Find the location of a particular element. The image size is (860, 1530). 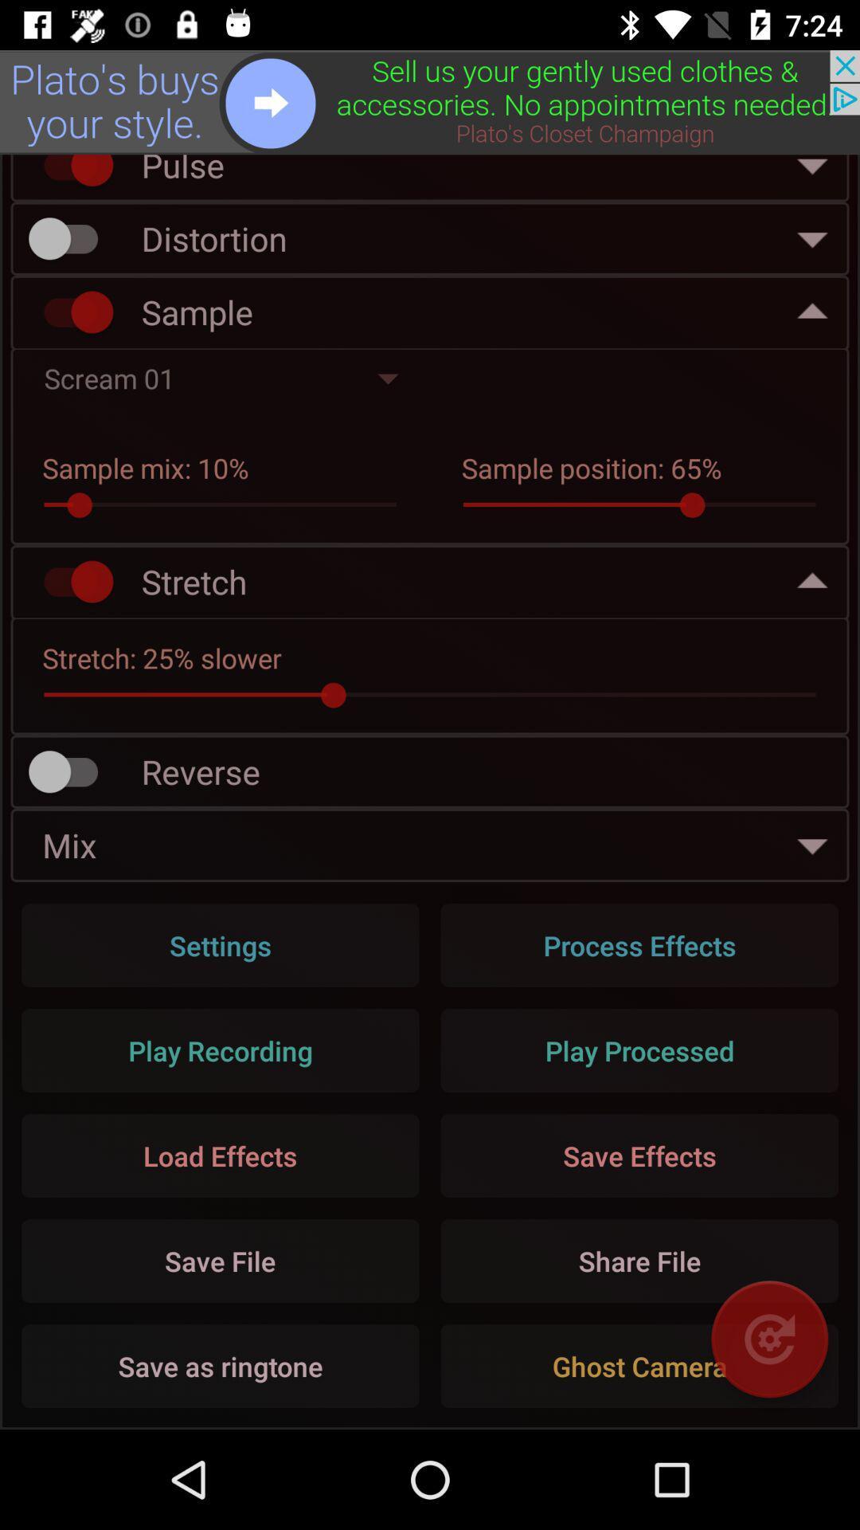

open advertisement is located at coordinates (430, 101).